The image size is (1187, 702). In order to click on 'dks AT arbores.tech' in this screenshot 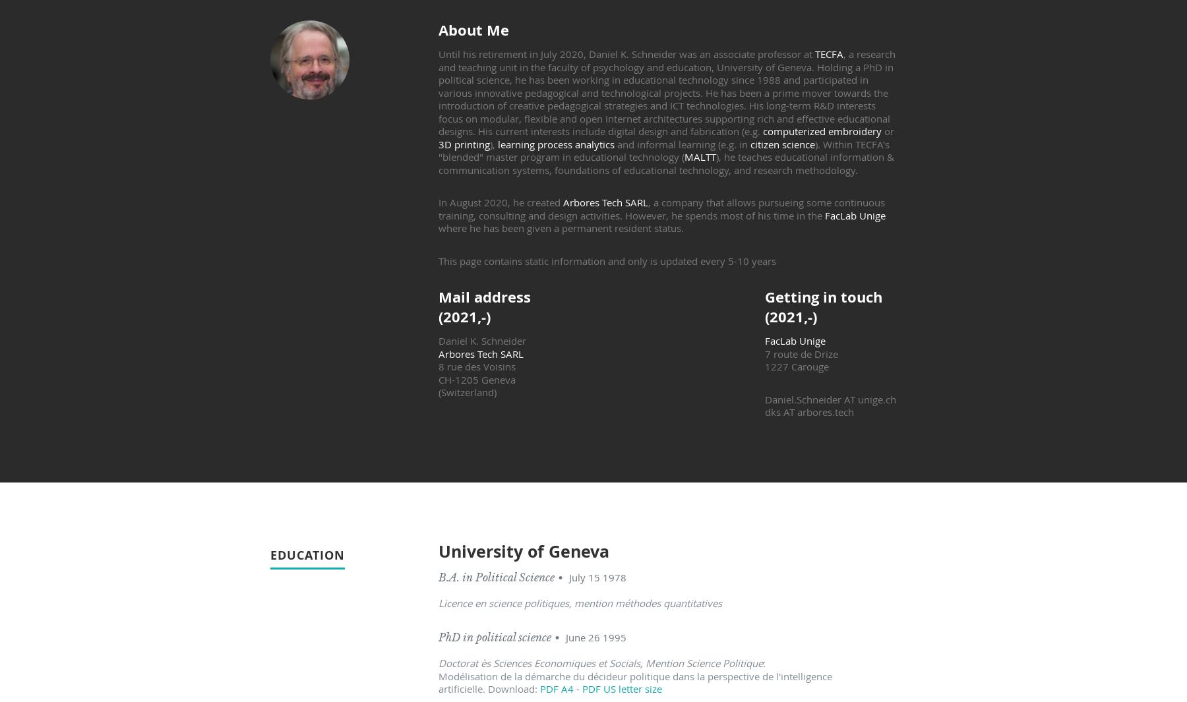, I will do `click(764, 412)`.